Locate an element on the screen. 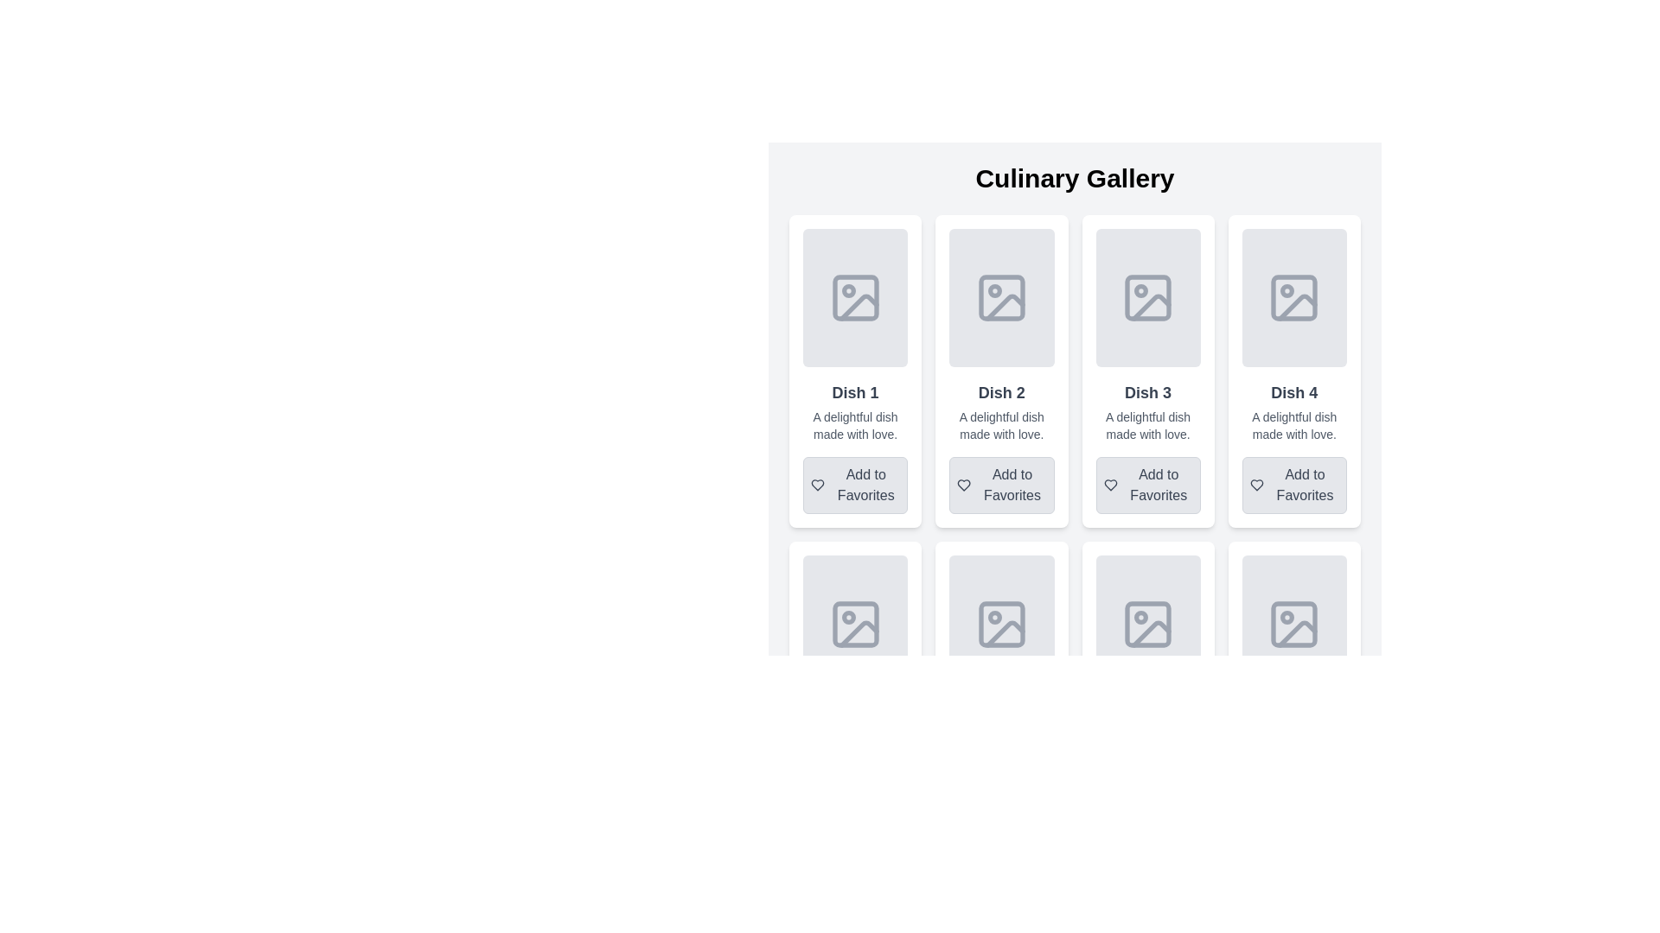 The width and height of the screenshot is (1660, 933). the Circle SVG element representing a detail in the icon design for the 'Dish 3' entry, located in the second row, third column of the grid layout is located at coordinates (1141, 616).